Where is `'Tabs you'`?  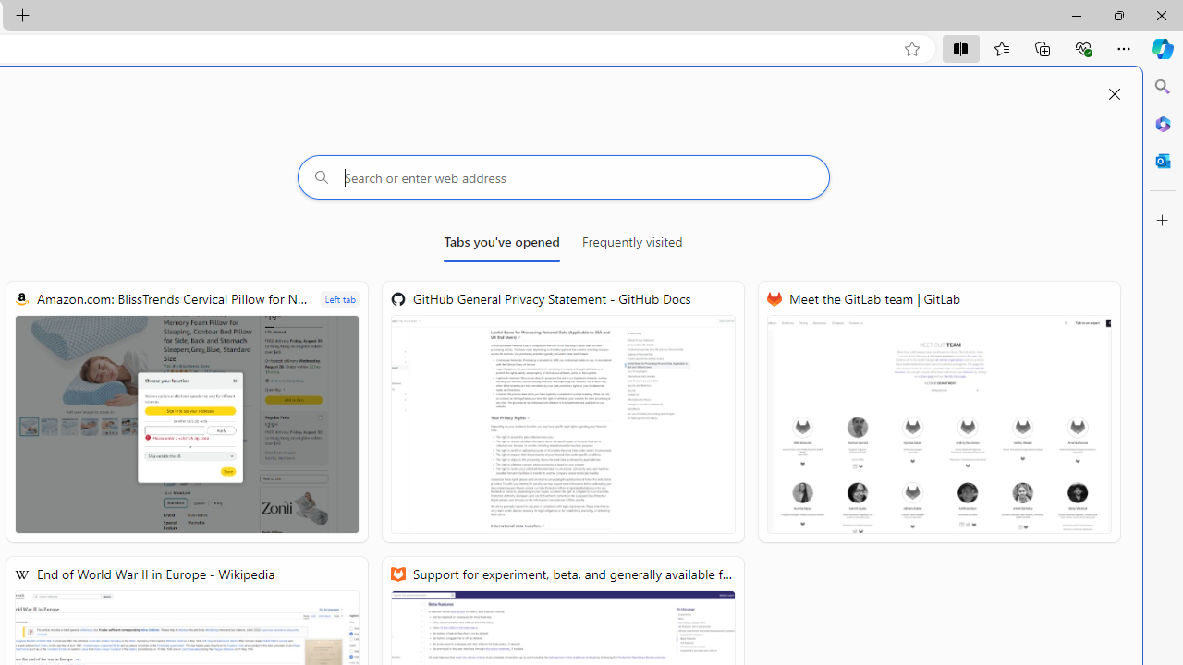 'Tabs you' is located at coordinates (501, 245).